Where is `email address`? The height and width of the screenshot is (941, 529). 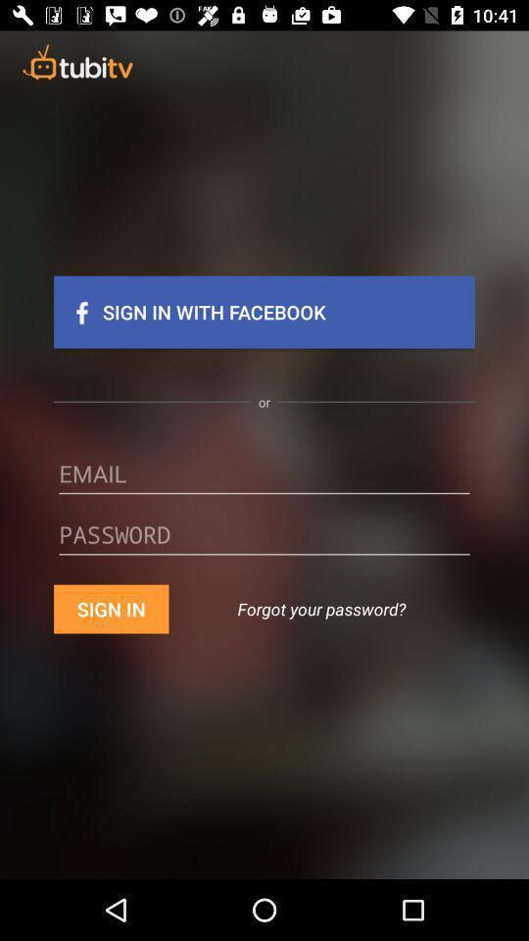 email address is located at coordinates (264, 479).